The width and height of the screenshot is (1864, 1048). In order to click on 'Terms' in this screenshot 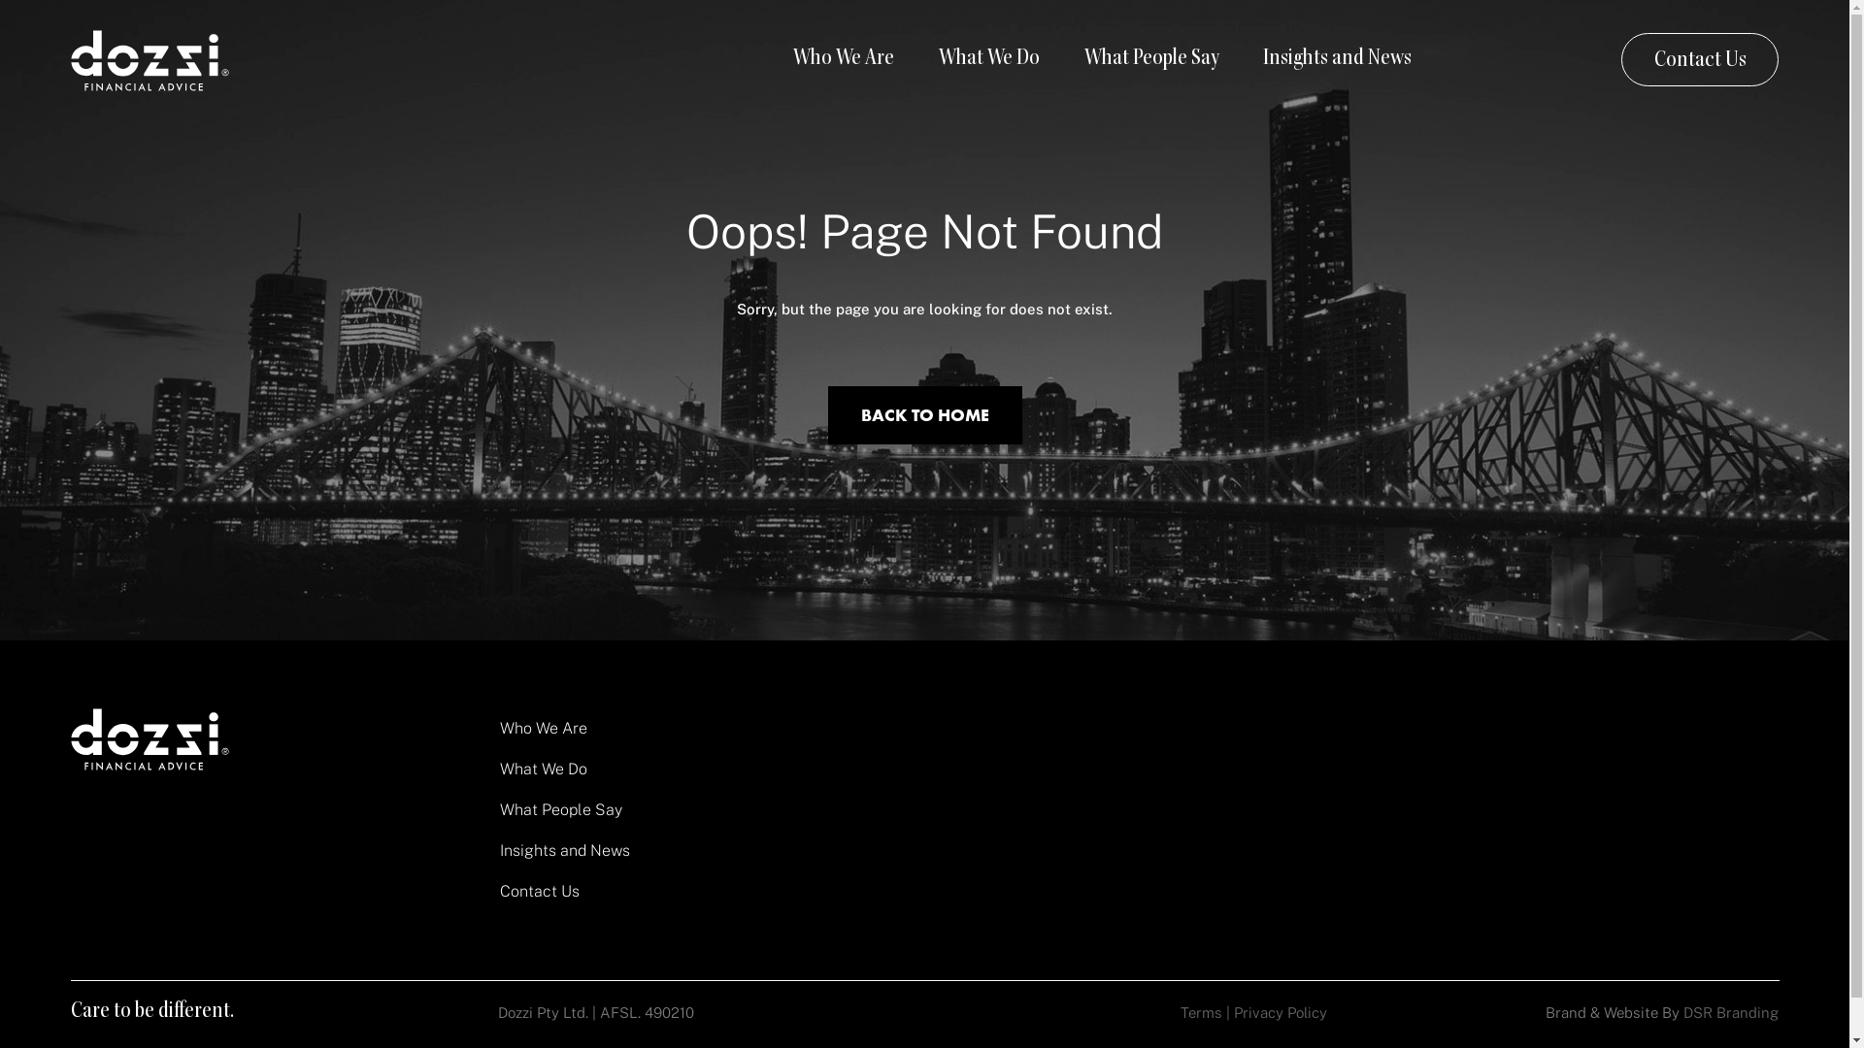, I will do `click(1200, 1011)`.